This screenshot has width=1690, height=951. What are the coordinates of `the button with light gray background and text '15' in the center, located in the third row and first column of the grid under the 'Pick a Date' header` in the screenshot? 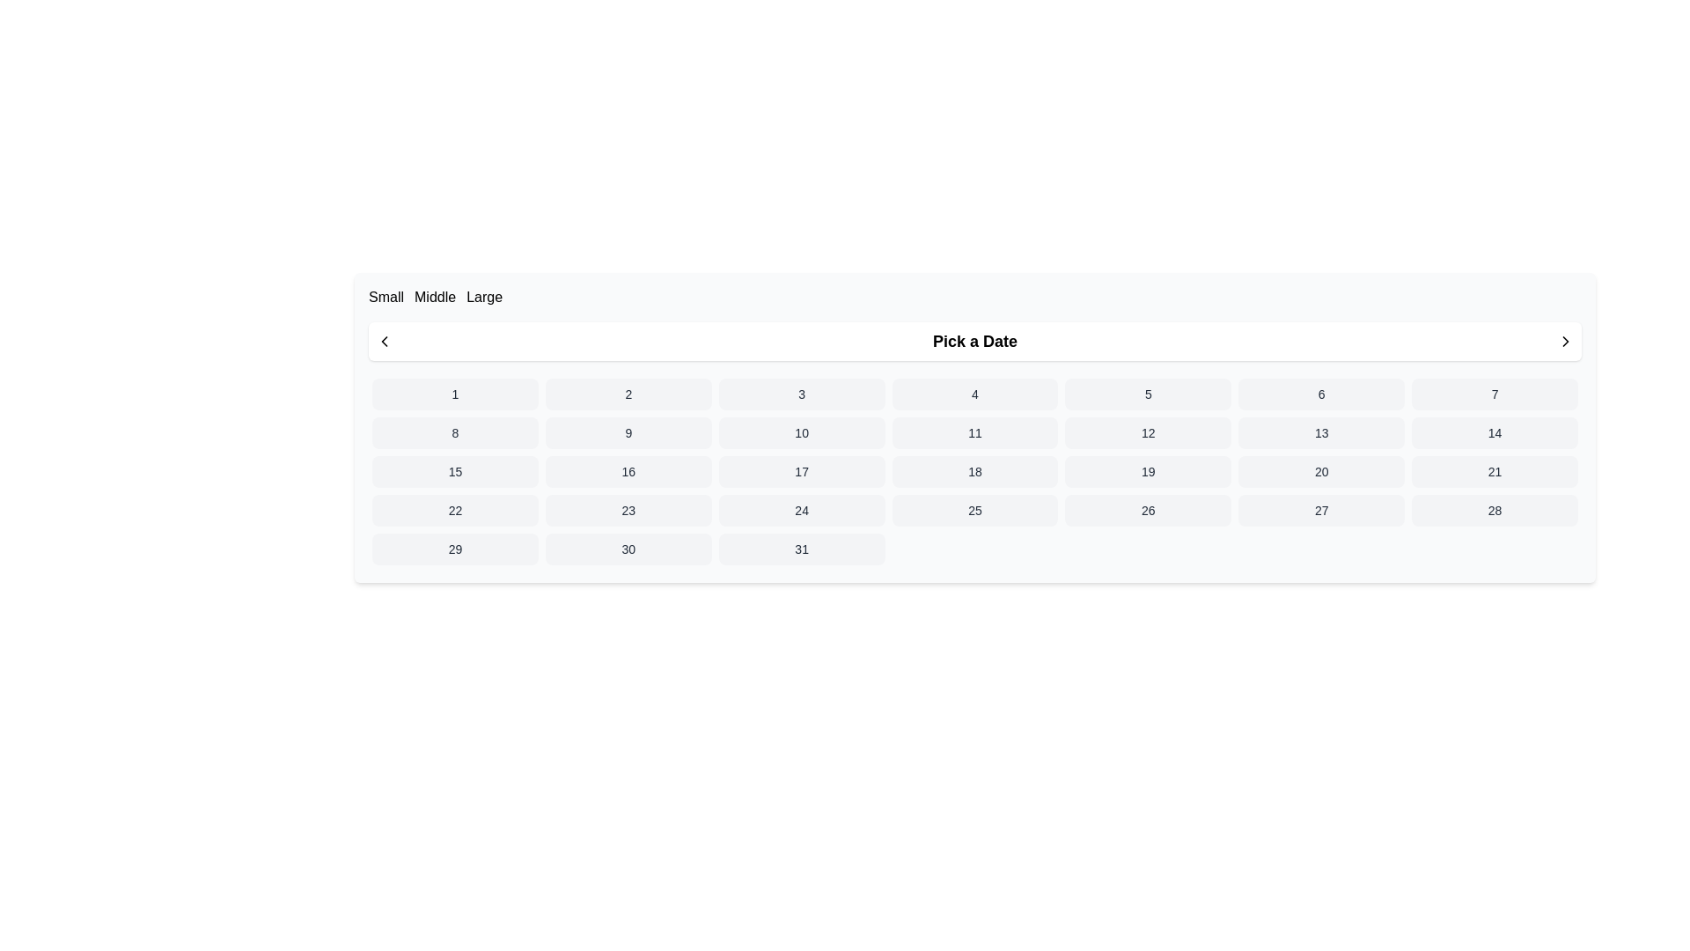 It's located at (455, 471).